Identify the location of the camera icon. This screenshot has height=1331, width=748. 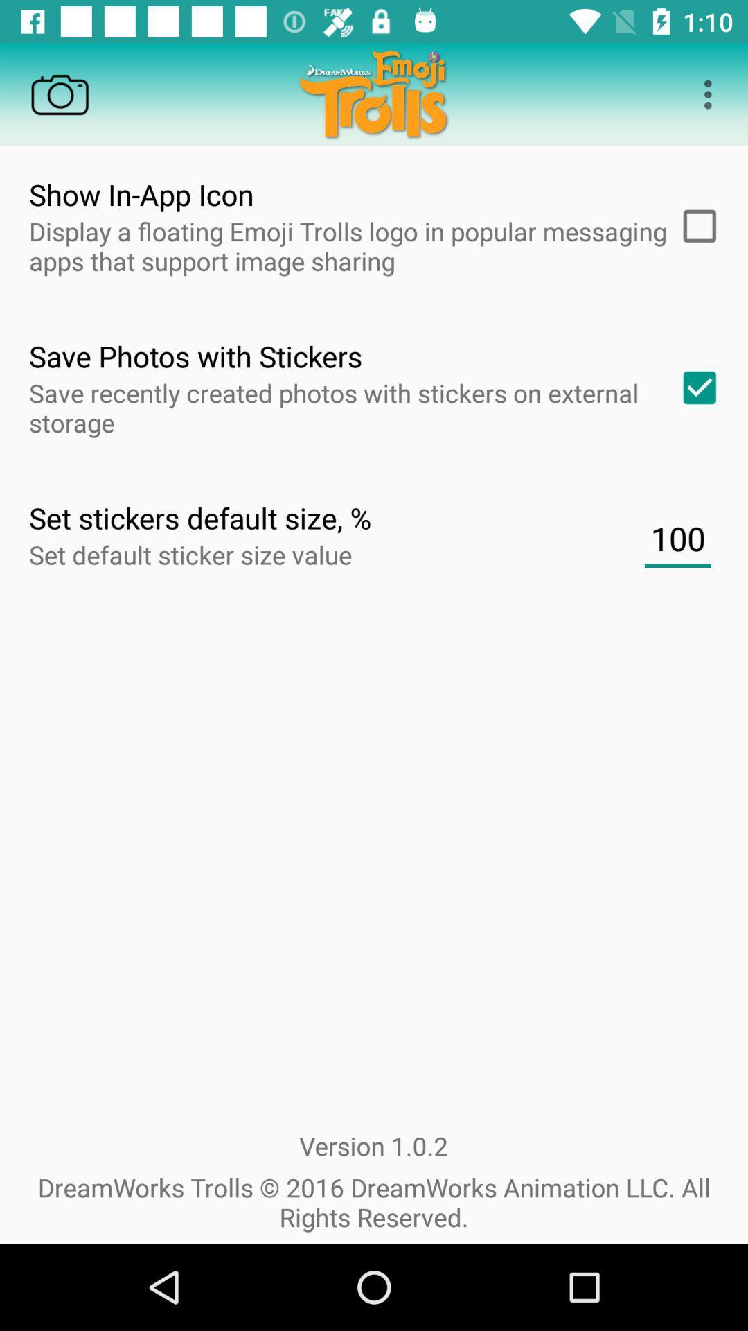
(59, 94).